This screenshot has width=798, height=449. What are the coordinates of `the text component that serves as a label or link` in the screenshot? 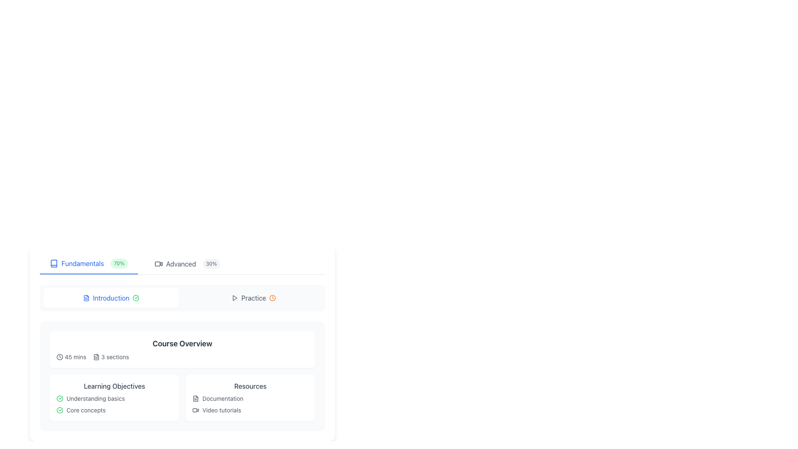 It's located at (223, 398).